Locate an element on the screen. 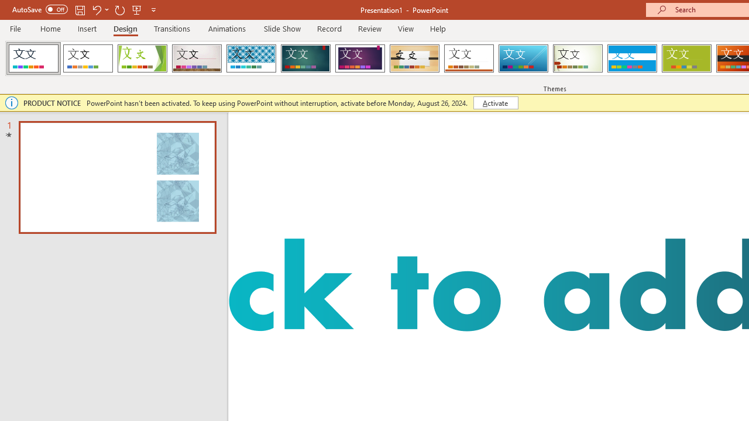 This screenshot has width=749, height=421. 'Ion' is located at coordinates (305, 58).